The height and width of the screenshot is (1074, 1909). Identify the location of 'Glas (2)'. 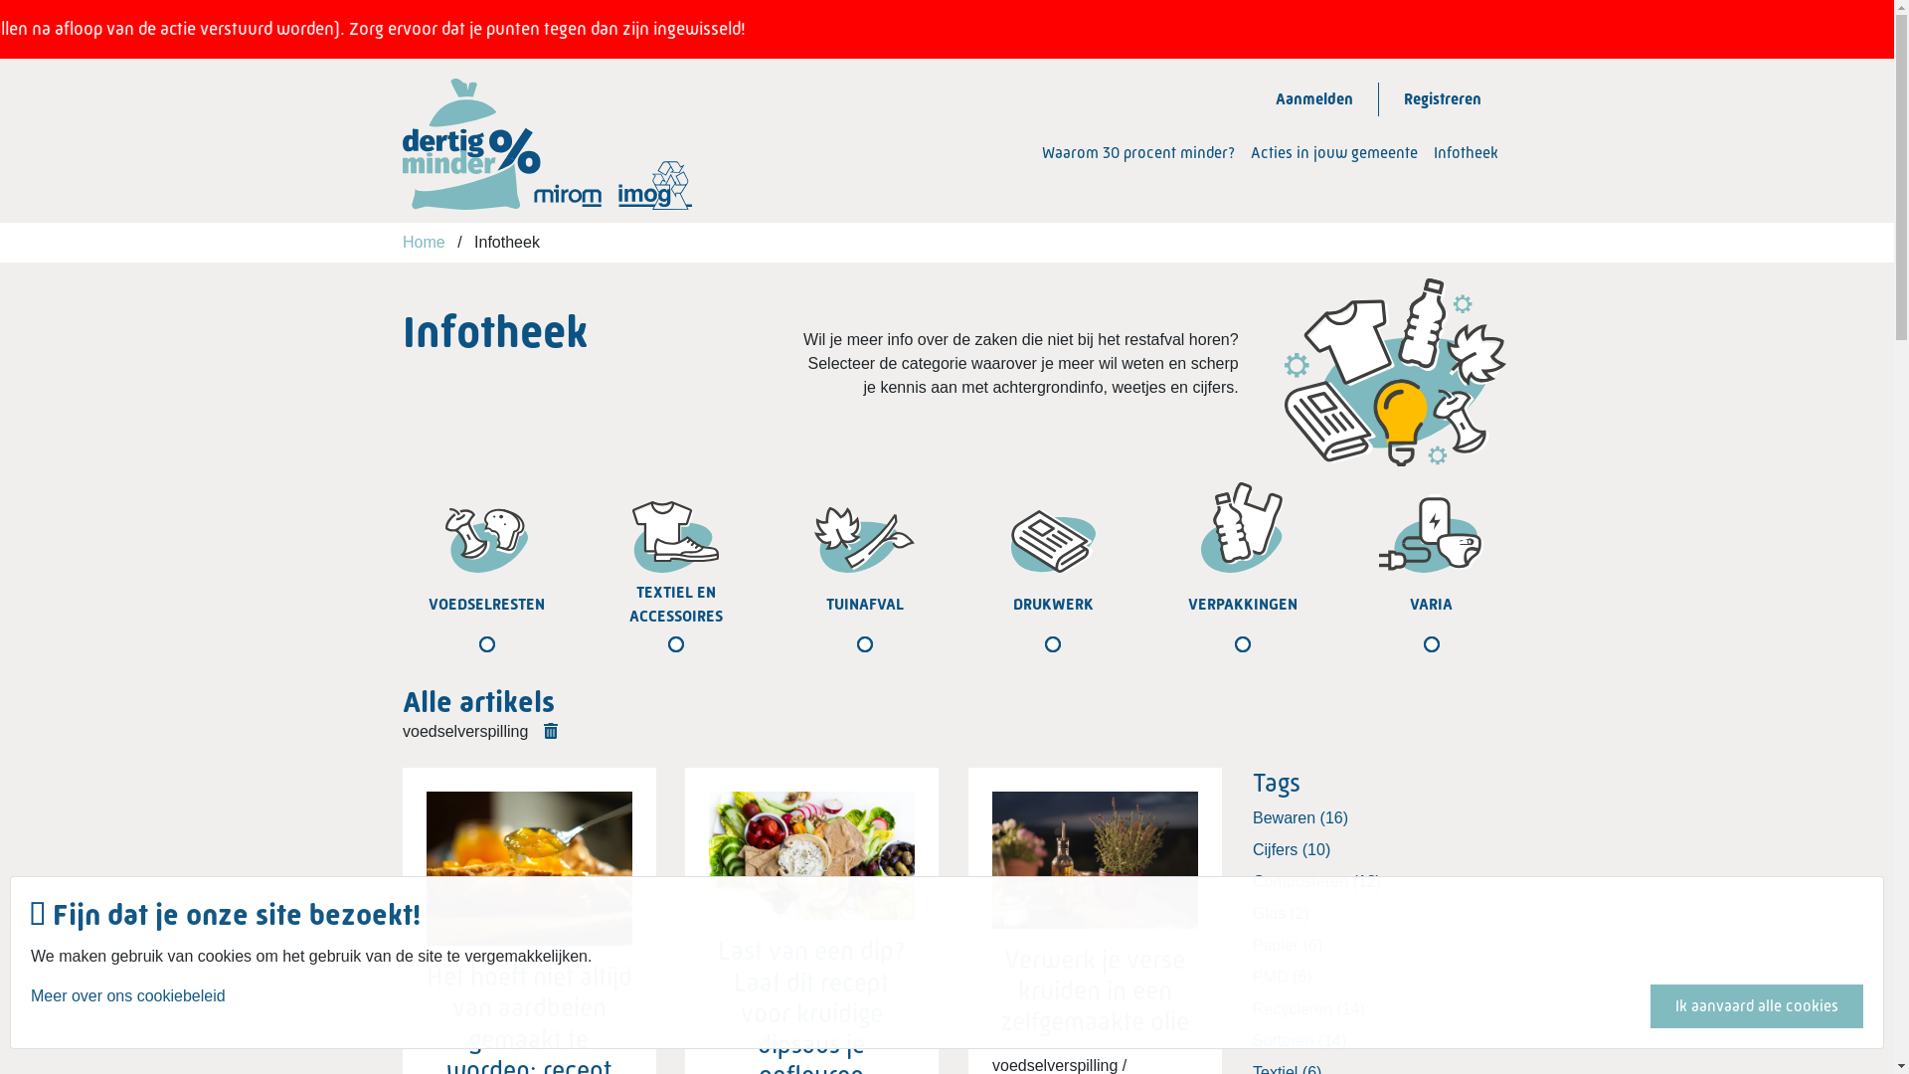
(1251, 913).